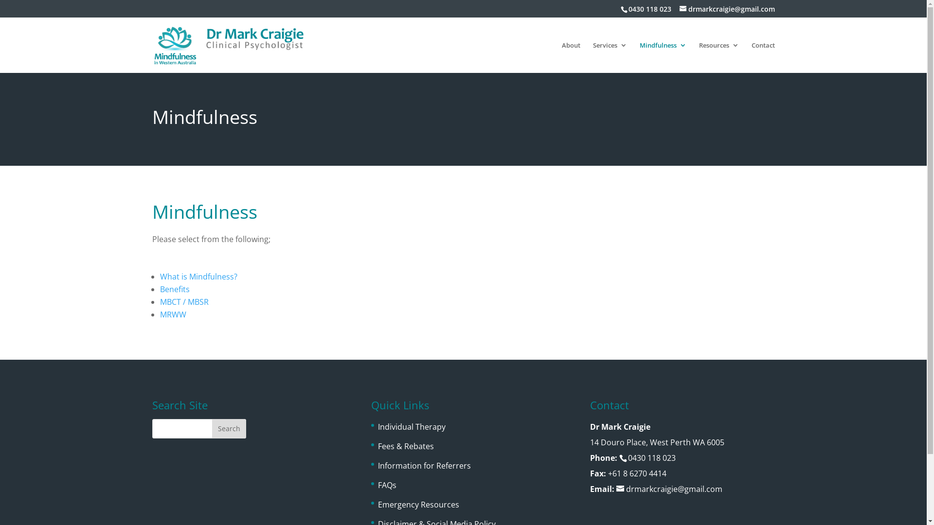 The width and height of the screenshot is (934, 525). Describe the element at coordinates (669, 489) in the screenshot. I see `'drmarkcraigie@gmail.com'` at that location.